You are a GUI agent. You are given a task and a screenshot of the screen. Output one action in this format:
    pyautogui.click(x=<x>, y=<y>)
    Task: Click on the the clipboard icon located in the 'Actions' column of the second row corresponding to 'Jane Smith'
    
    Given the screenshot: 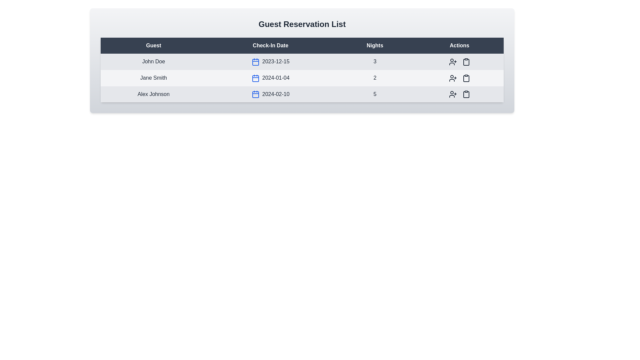 What is the action you would take?
    pyautogui.click(x=466, y=78)
    